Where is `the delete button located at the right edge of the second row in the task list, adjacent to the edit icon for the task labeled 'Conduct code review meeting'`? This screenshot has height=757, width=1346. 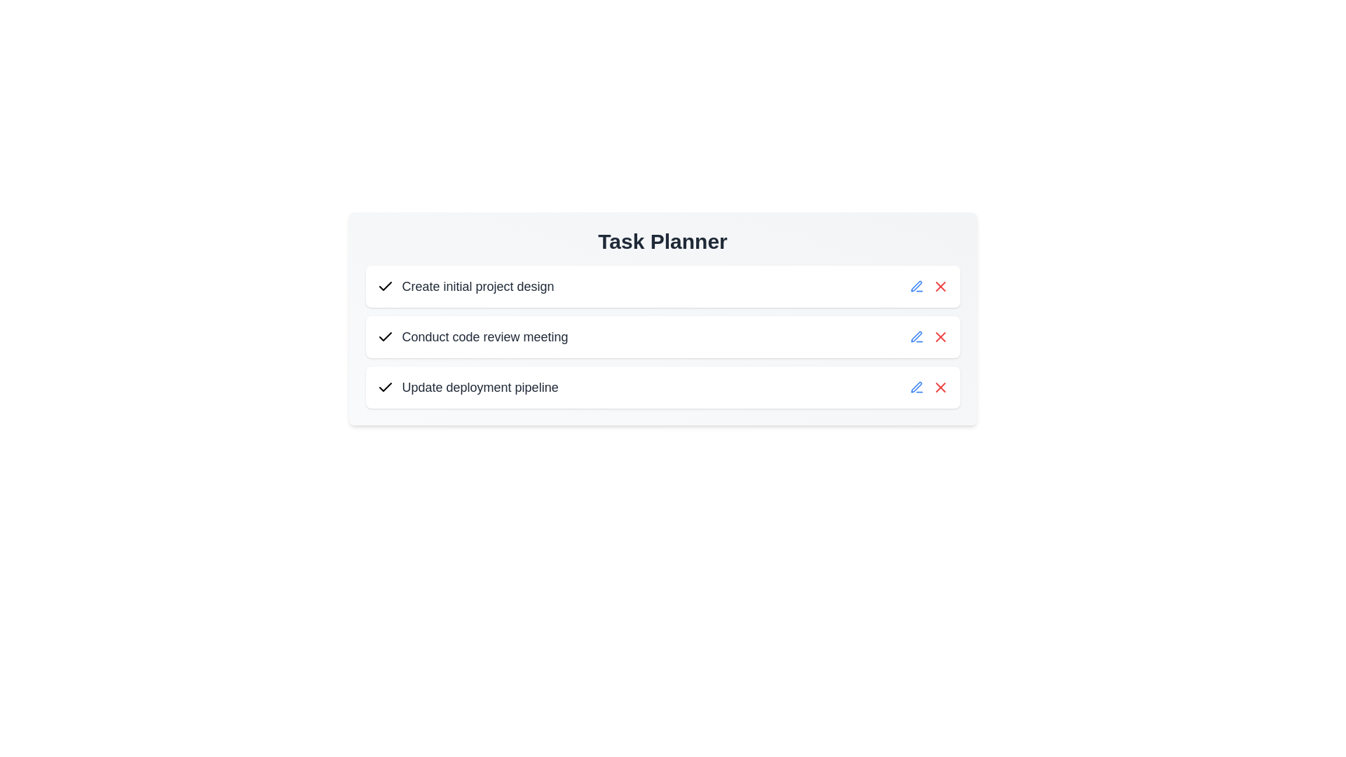 the delete button located at the right edge of the second row in the task list, adjacent to the edit icon for the task labeled 'Conduct code review meeting' is located at coordinates (940, 337).